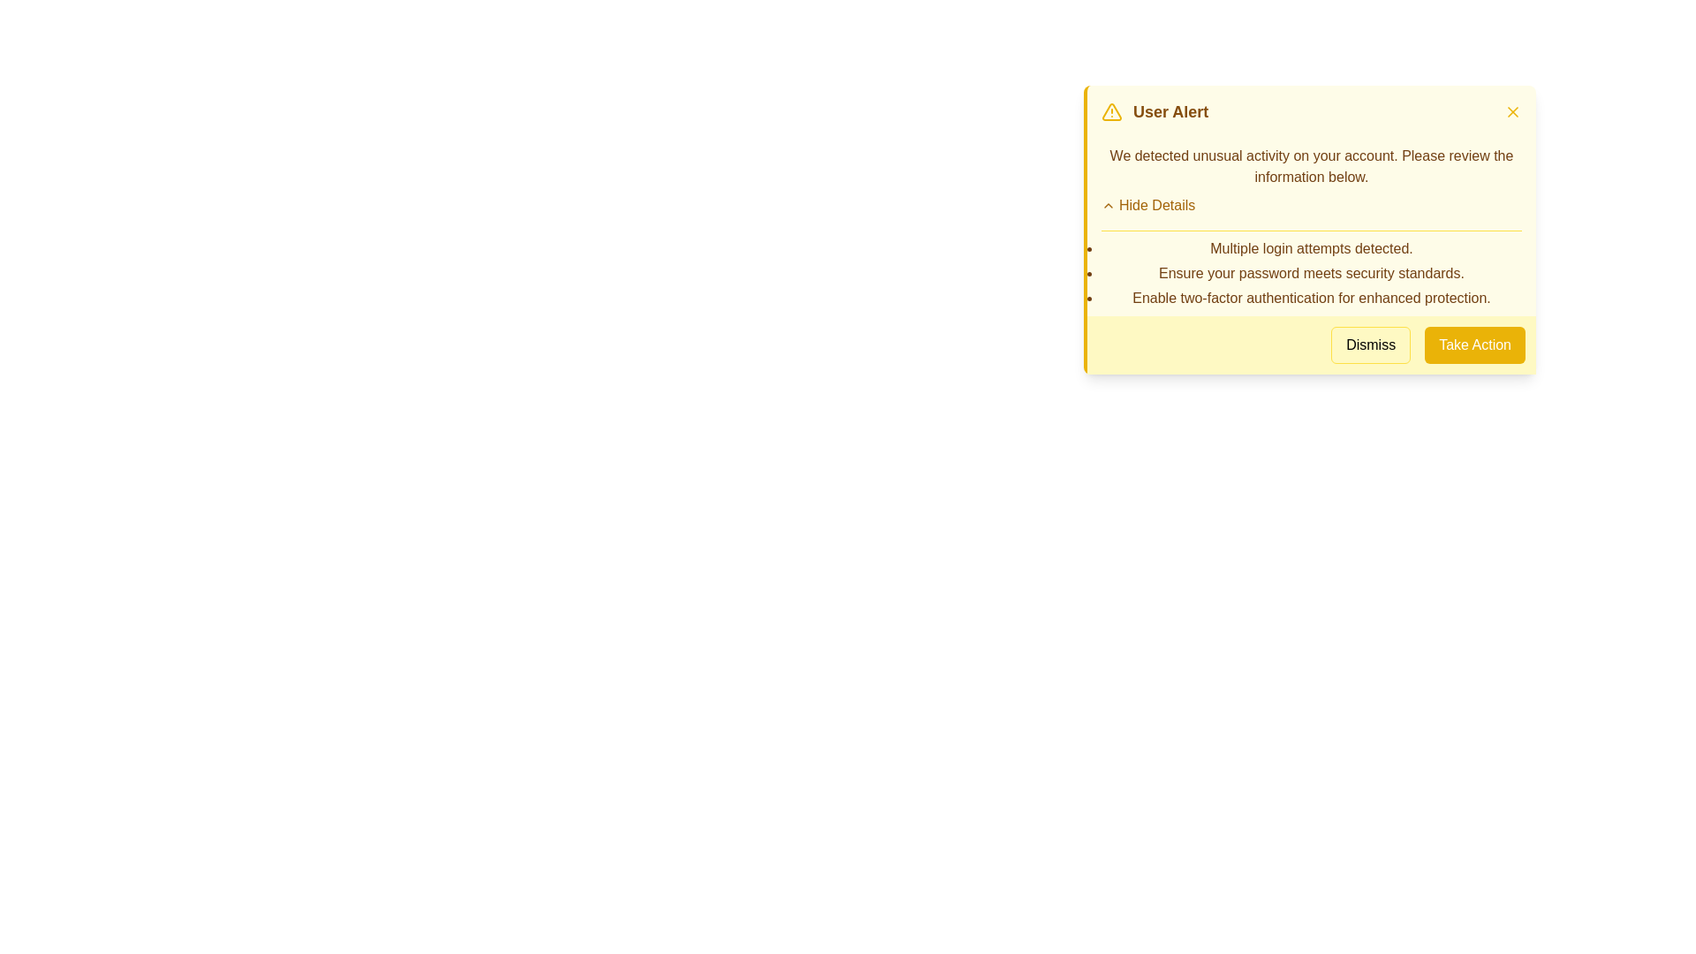  What do you see at coordinates (1107, 204) in the screenshot?
I see `the Chevron Down icon located to the left of the 'Hide Details' text to potentially display a tooltip` at bounding box center [1107, 204].